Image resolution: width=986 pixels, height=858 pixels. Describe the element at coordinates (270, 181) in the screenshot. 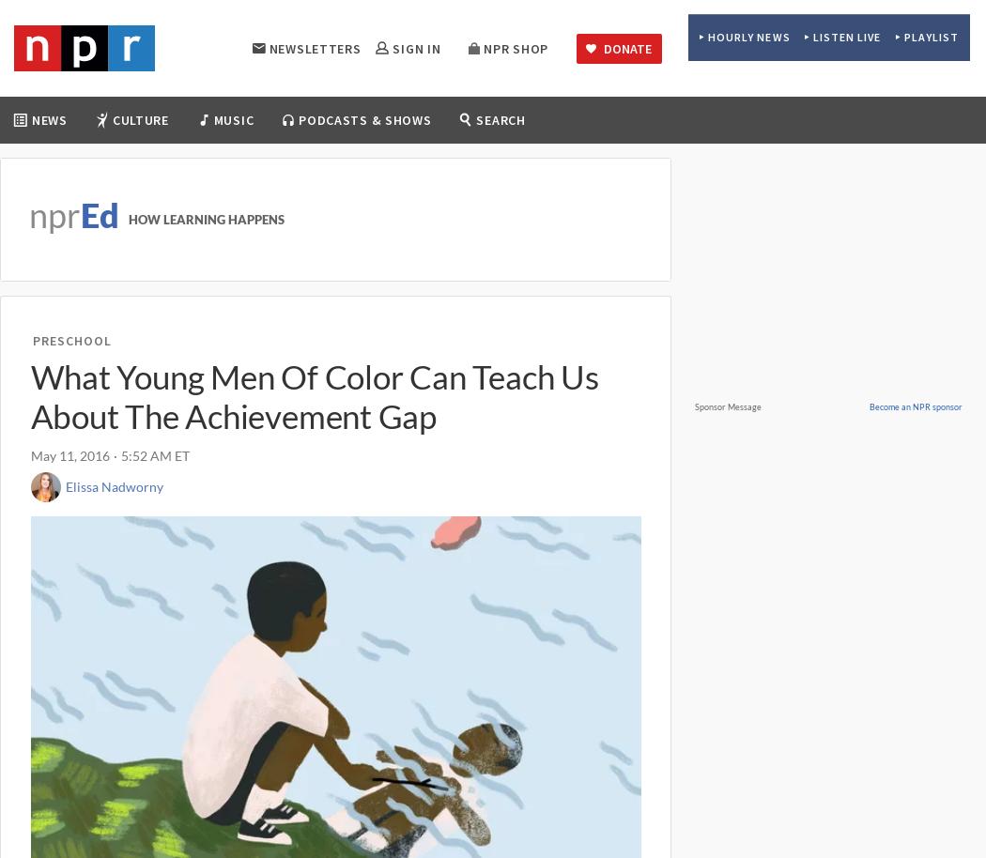

I see `'Movies'` at that location.